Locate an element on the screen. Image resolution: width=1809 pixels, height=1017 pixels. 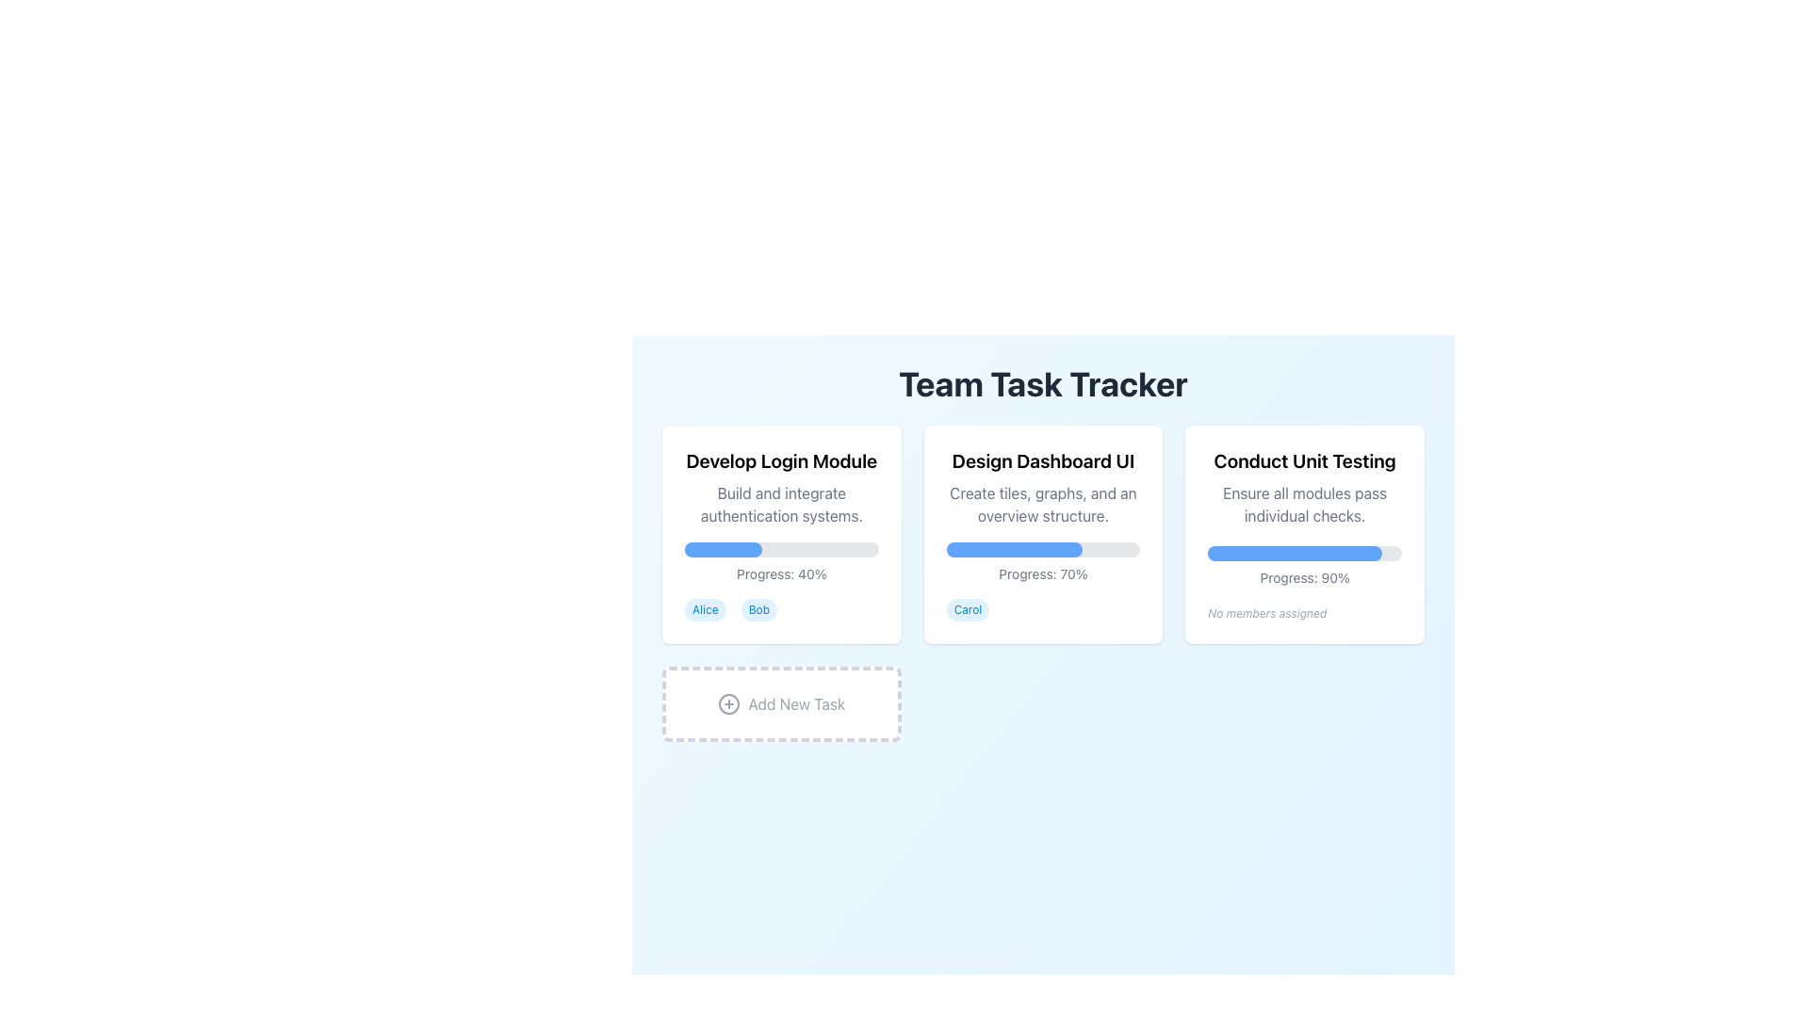
the label in the second card located below the 'Progress: 70%' label, which identifies an assigned individual or group related to the task is located at coordinates (968, 610).